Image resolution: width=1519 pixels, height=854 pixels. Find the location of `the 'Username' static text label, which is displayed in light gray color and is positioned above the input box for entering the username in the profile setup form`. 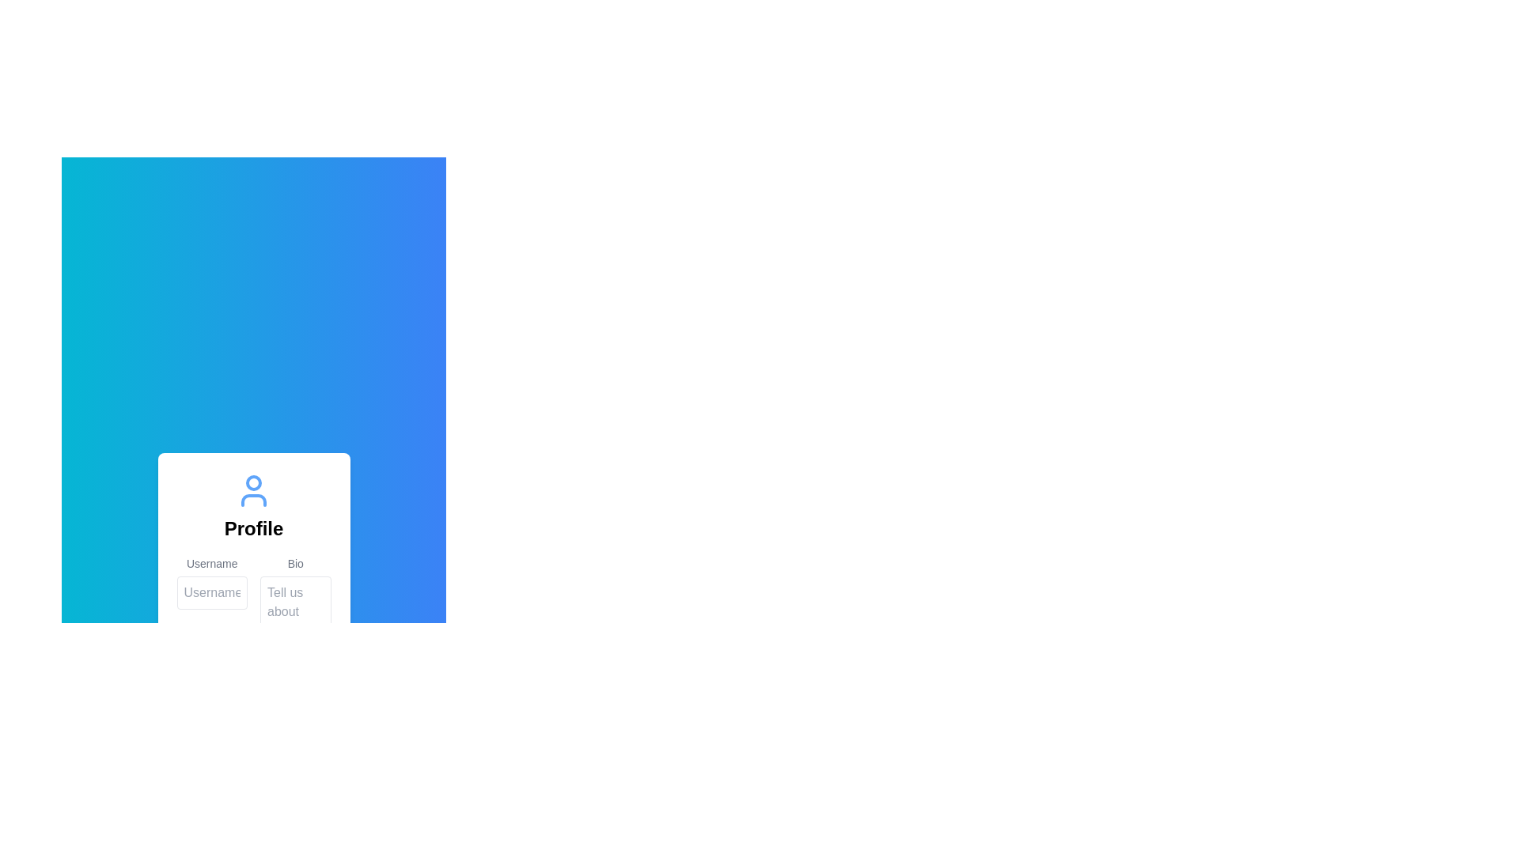

the 'Username' static text label, which is displayed in light gray color and is positioned above the input box for entering the username in the profile setup form is located at coordinates (211, 562).